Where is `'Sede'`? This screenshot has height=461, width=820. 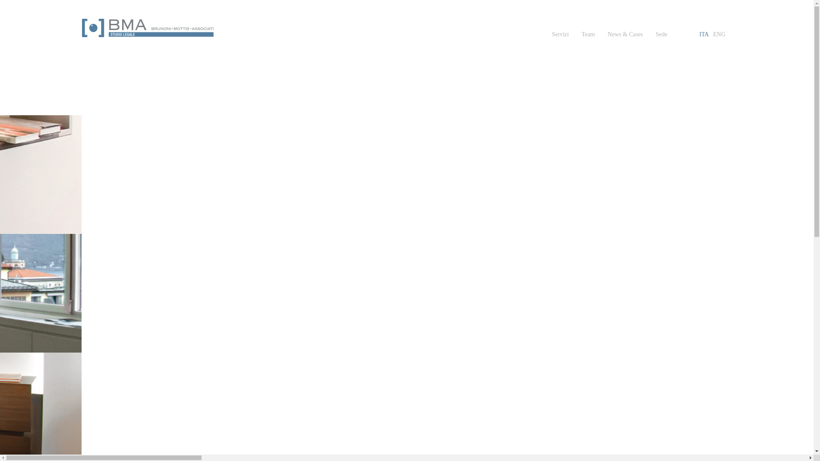 'Sede' is located at coordinates (661, 34).